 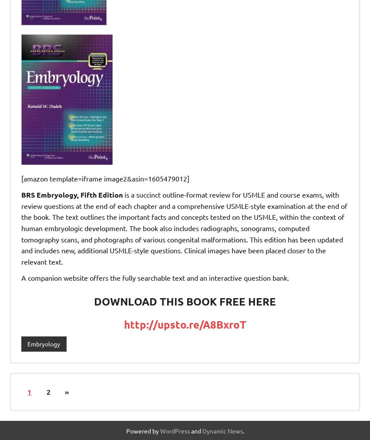 I want to click on '[amazon template=iframe image2&asin=1605479012]', so click(x=105, y=177).